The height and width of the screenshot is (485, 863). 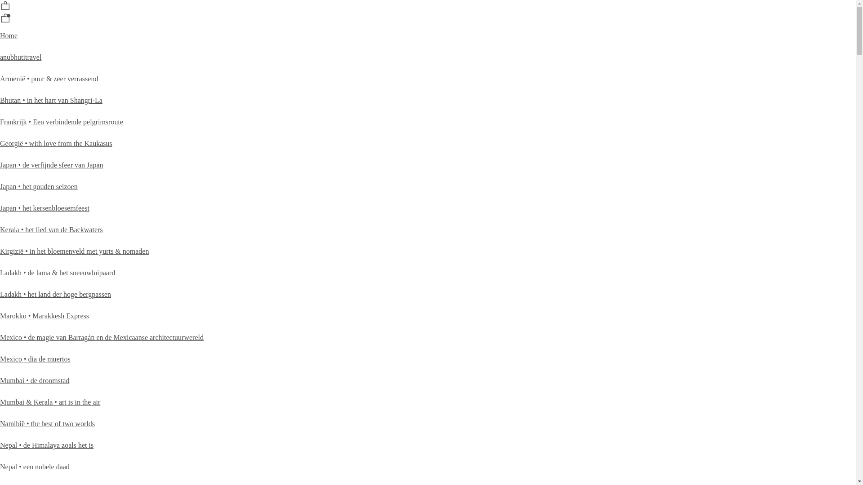 What do you see at coordinates (9, 35) in the screenshot?
I see `'Home'` at bounding box center [9, 35].